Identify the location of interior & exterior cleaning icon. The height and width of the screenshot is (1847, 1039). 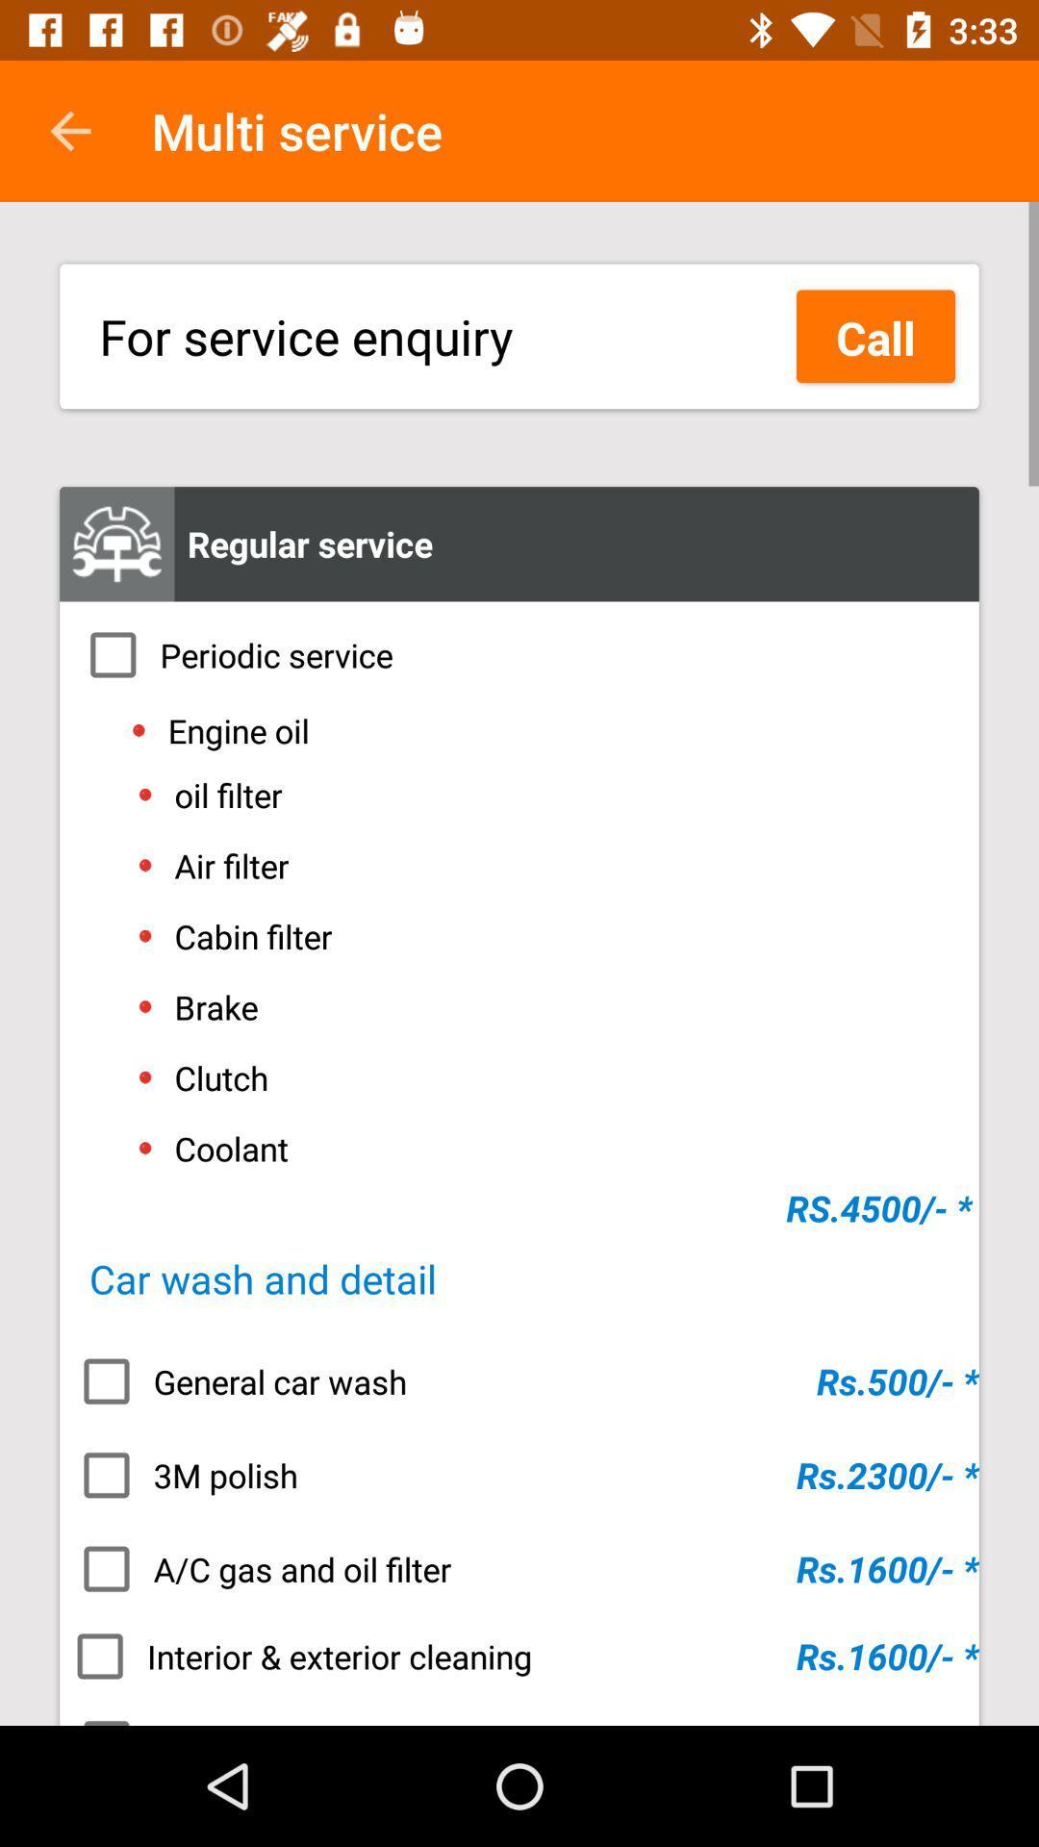
(519, 1656).